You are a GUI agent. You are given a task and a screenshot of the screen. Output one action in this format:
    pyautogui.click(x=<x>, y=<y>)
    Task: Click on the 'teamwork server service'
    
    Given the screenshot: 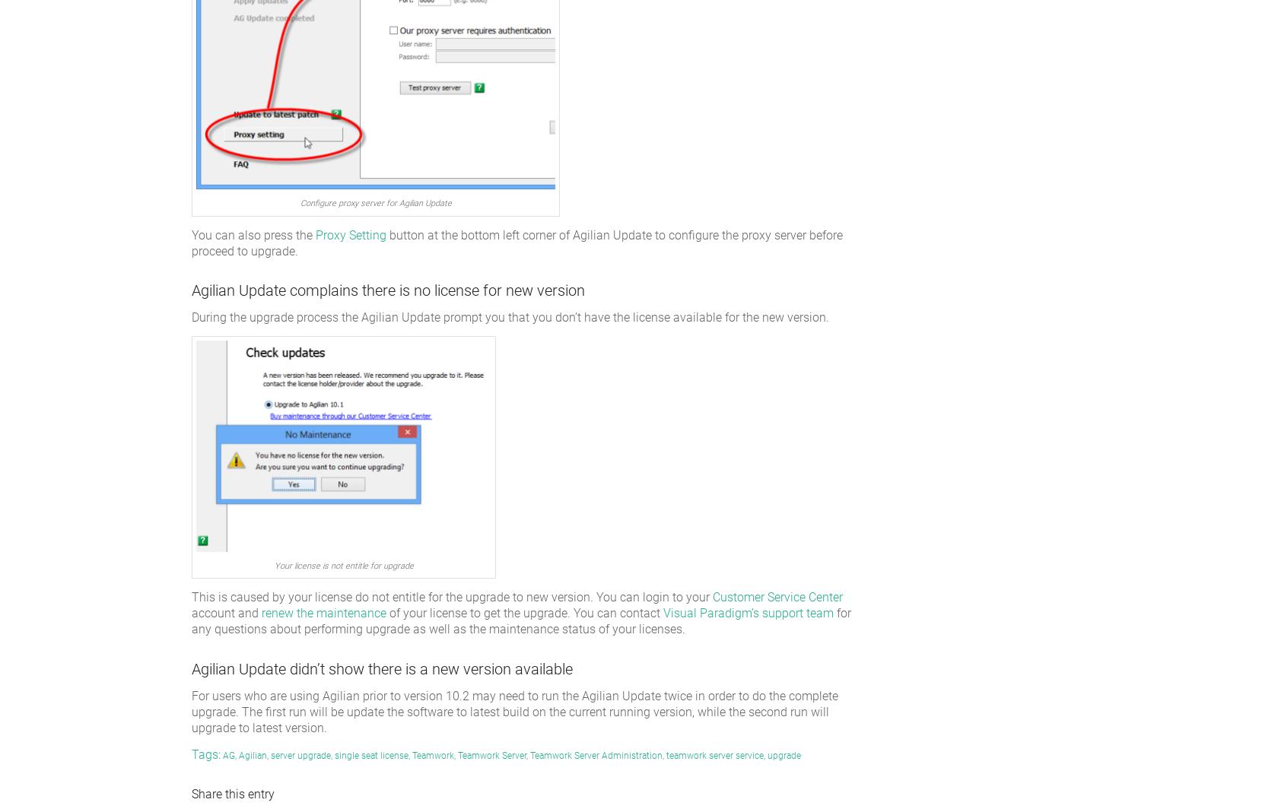 What is the action you would take?
    pyautogui.click(x=714, y=755)
    